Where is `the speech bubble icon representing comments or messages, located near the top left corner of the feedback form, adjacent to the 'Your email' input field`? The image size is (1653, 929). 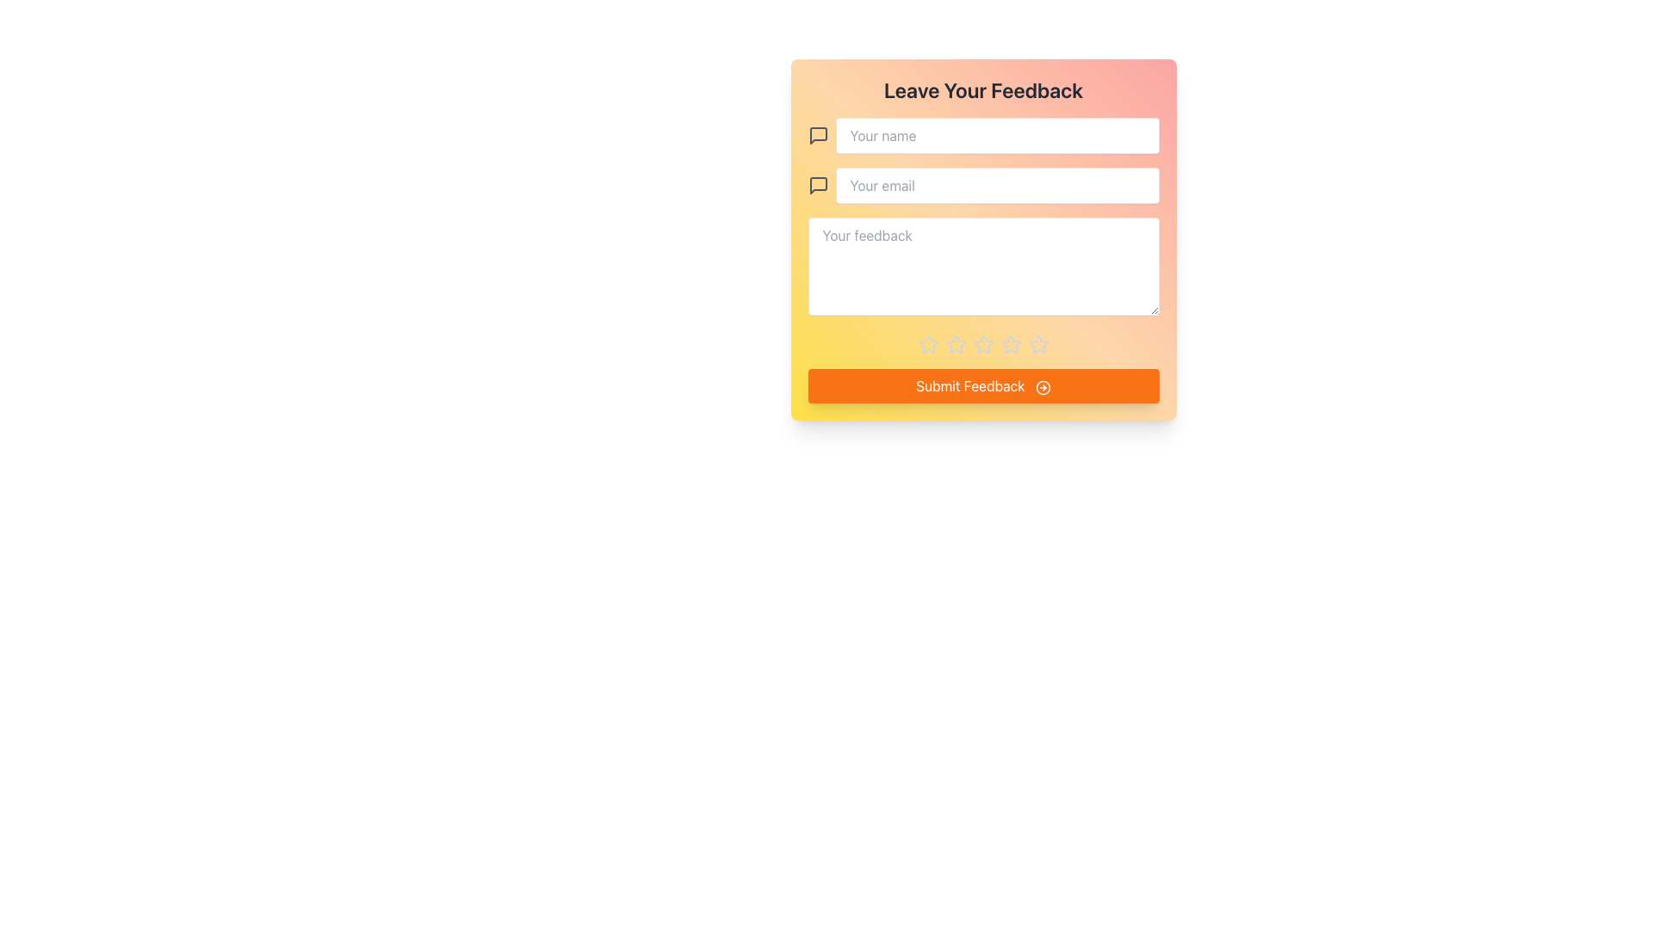 the speech bubble icon representing comments or messages, located near the top left corner of the feedback form, adjacent to the 'Your email' input field is located at coordinates (817, 135).